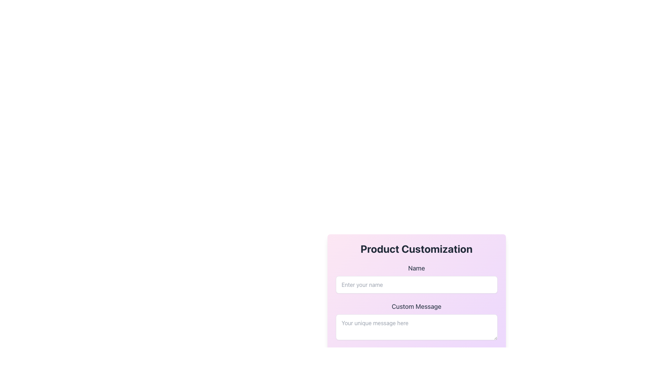 The height and width of the screenshot is (376, 669). What do you see at coordinates (416, 306) in the screenshot?
I see `the text label that reads 'Custom Message', which is styled with a large font size, medium weight, and gray color, located directly above the textarea with the placeholder 'Your unique message here'` at bounding box center [416, 306].